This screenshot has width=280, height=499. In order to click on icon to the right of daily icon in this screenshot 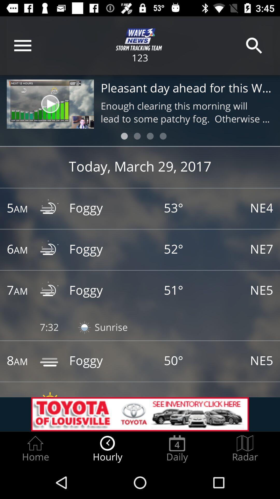, I will do `click(245, 449)`.